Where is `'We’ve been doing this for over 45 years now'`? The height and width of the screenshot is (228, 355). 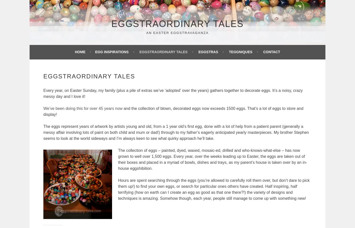 'We’ve been doing this for over 45 years now' is located at coordinates (83, 108).